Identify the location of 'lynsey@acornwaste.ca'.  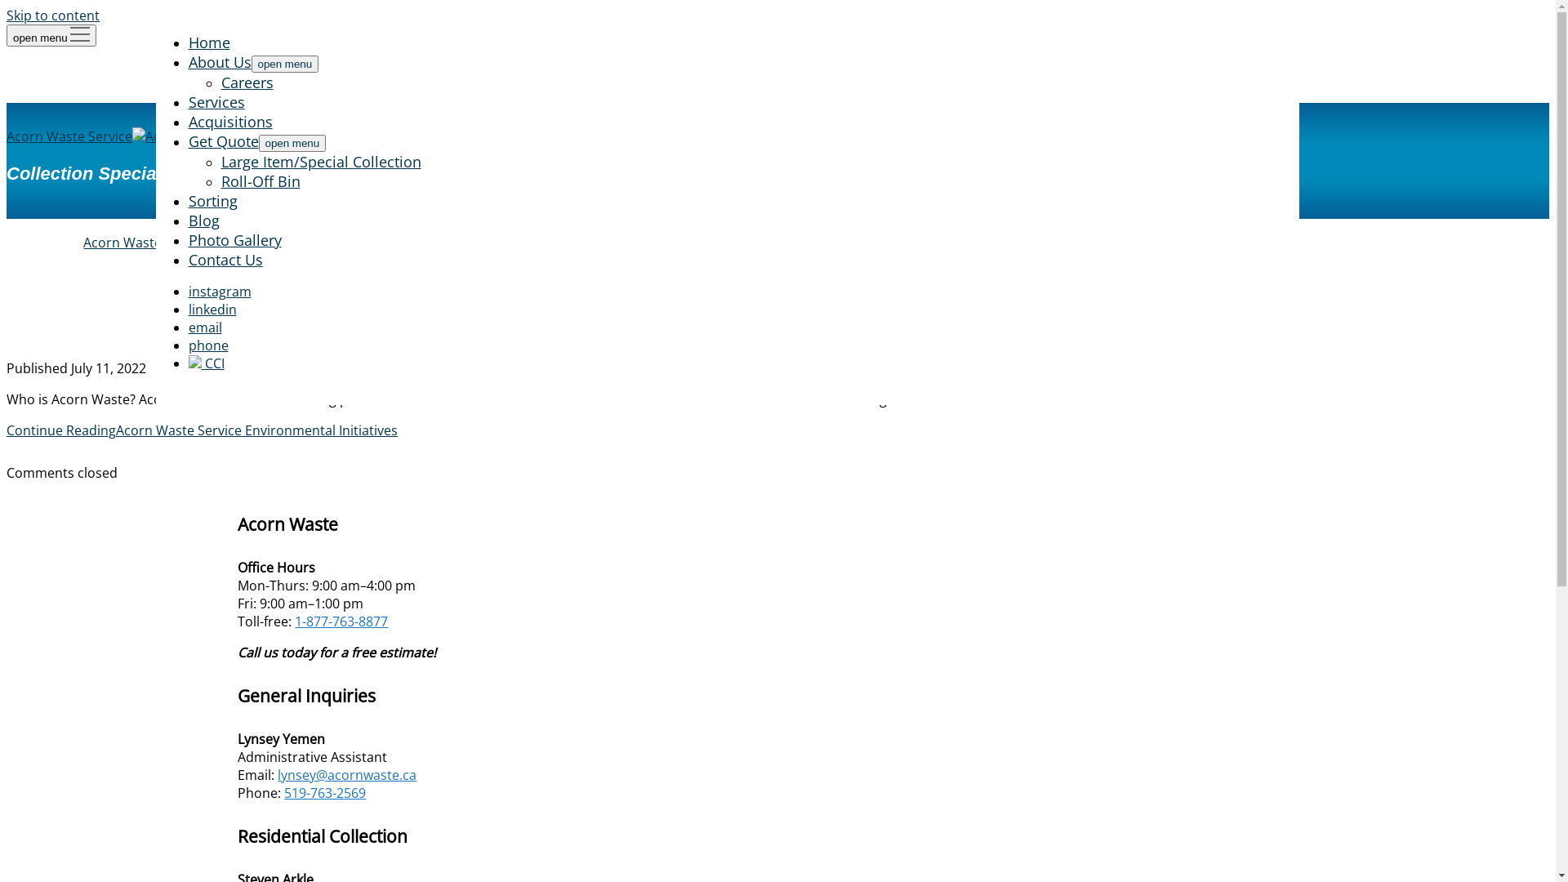
(278, 773).